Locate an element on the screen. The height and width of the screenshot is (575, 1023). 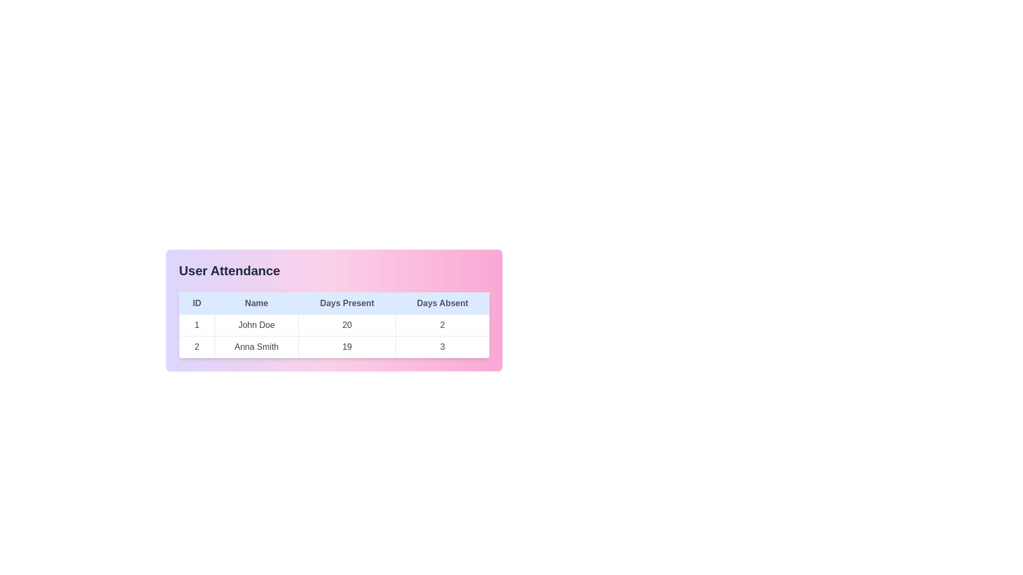
the static text element displaying the numeral '3' in the 'Days Absent' column for 'Anna Smith' in the user attendance table is located at coordinates (442, 347).